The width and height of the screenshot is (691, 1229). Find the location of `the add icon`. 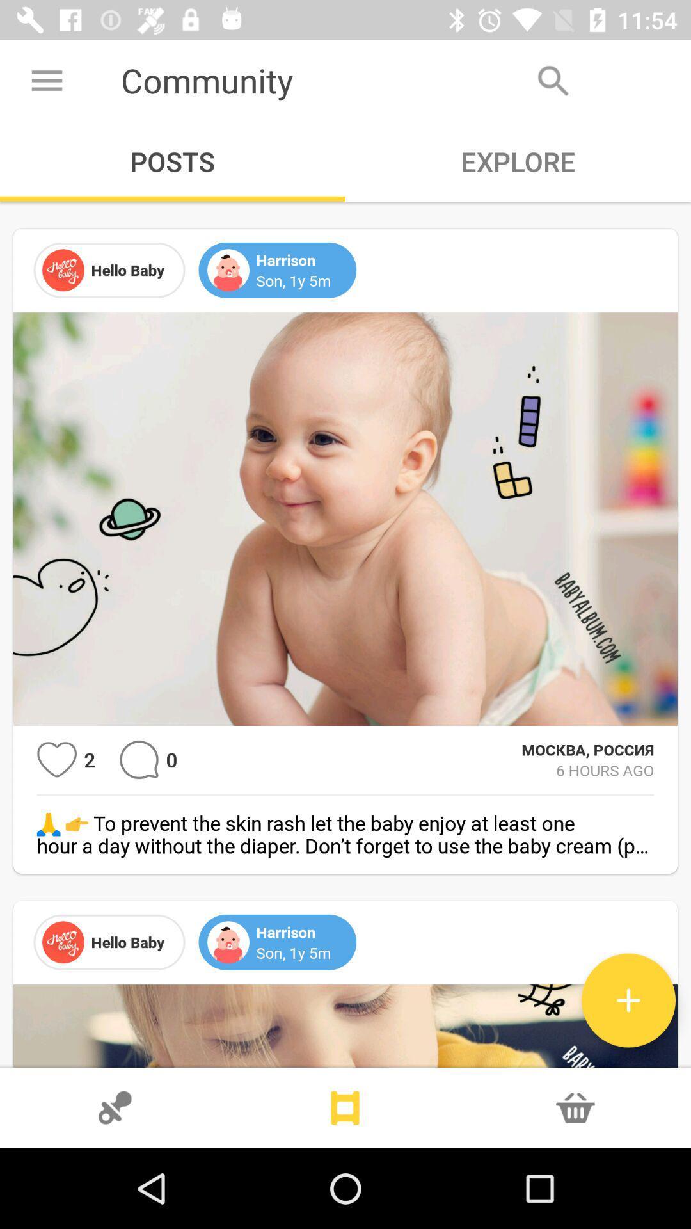

the add icon is located at coordinates (628, 1000).